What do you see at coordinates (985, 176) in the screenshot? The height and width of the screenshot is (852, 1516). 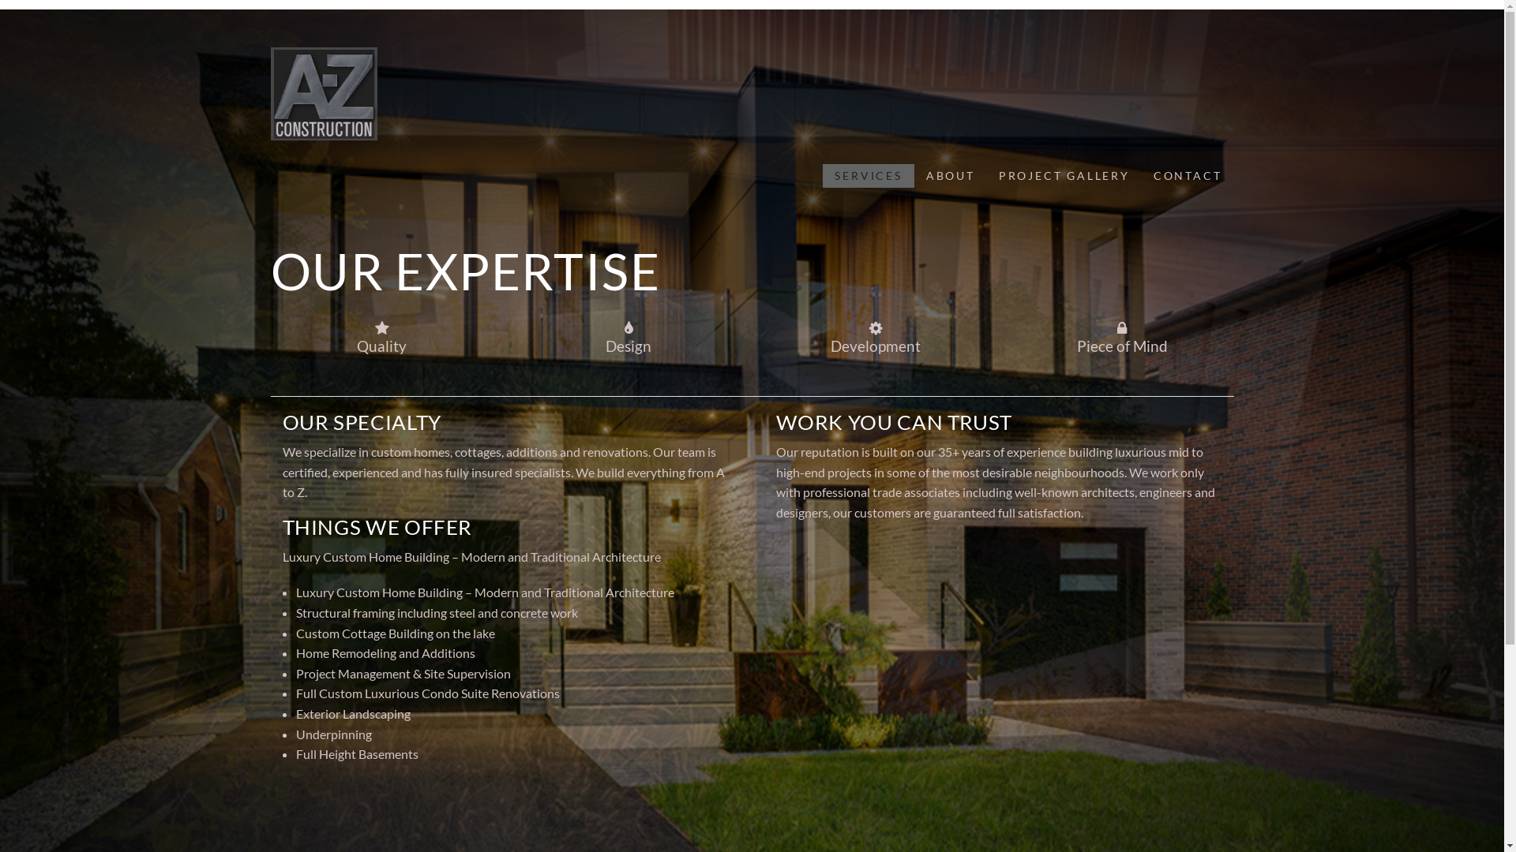 I see `'PROJECT GALLERY'` at bounding box center [985, 176].